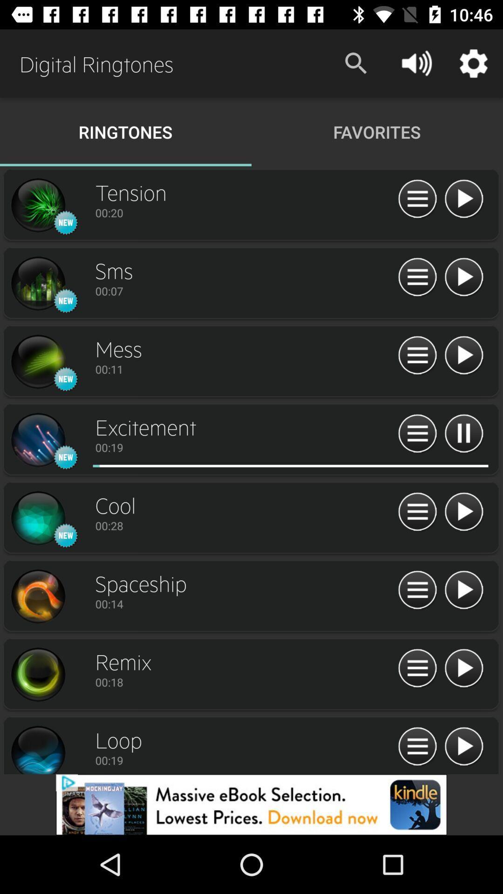 The width and height of the screenshot is (503, 894). What do you see at coordinates (417, 199) in the screenshot?
I see `menu dropdown for tension ringtone` at bounding box center [417, 199].